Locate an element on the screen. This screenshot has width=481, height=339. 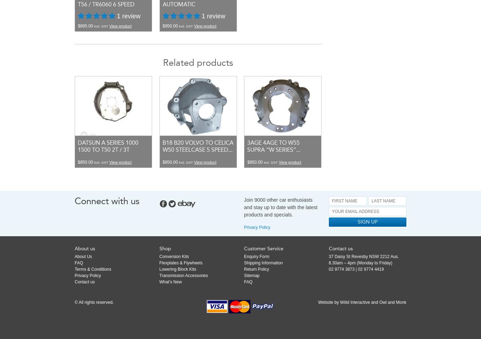
'Transmission Accessories' is located at coordinates (183, 276).